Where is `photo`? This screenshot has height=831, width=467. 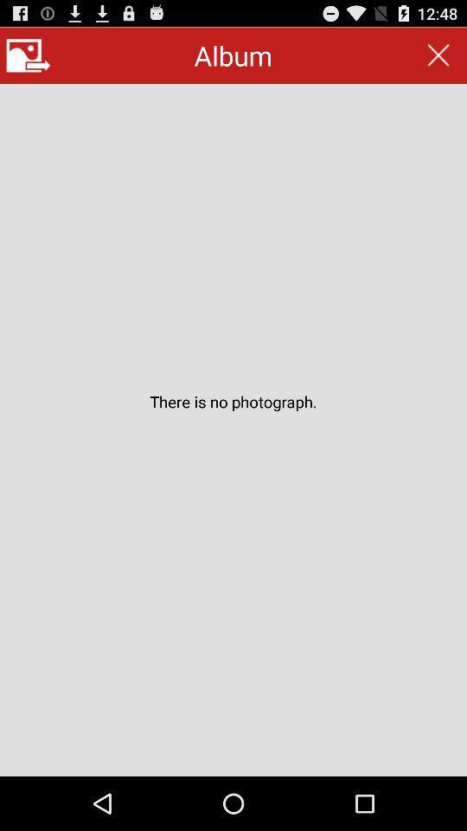 photo is located at coordinates (27, 55).